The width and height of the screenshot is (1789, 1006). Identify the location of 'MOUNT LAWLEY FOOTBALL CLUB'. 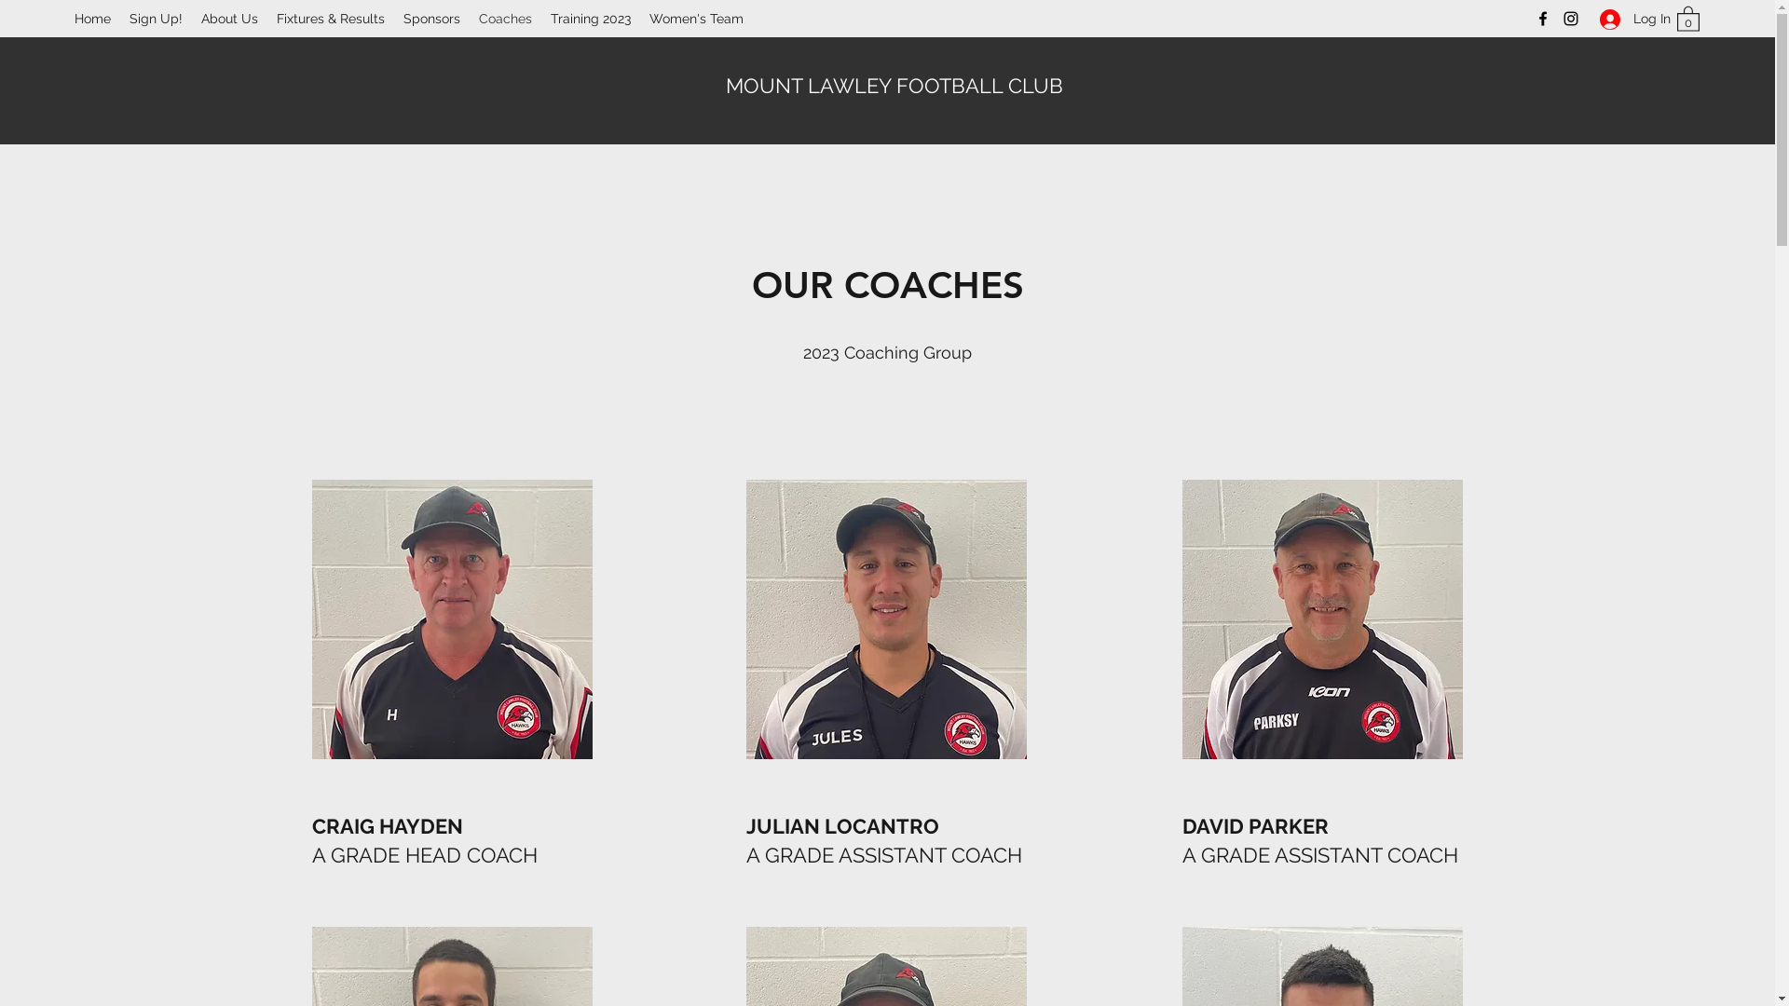
(894, 86).